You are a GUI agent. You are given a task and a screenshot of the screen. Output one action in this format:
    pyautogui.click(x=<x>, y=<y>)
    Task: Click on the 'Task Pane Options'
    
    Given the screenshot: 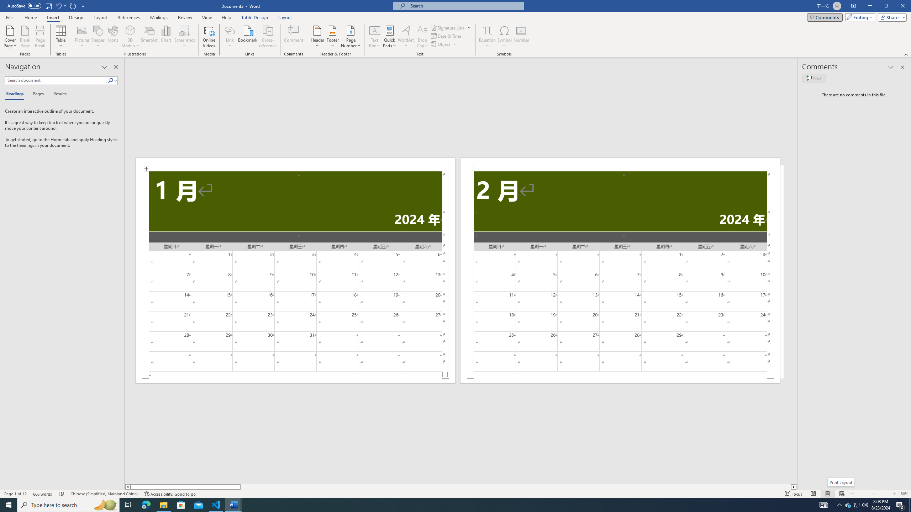 What is the action you would take?
    pyautogui.click(x=104, y=67)
    